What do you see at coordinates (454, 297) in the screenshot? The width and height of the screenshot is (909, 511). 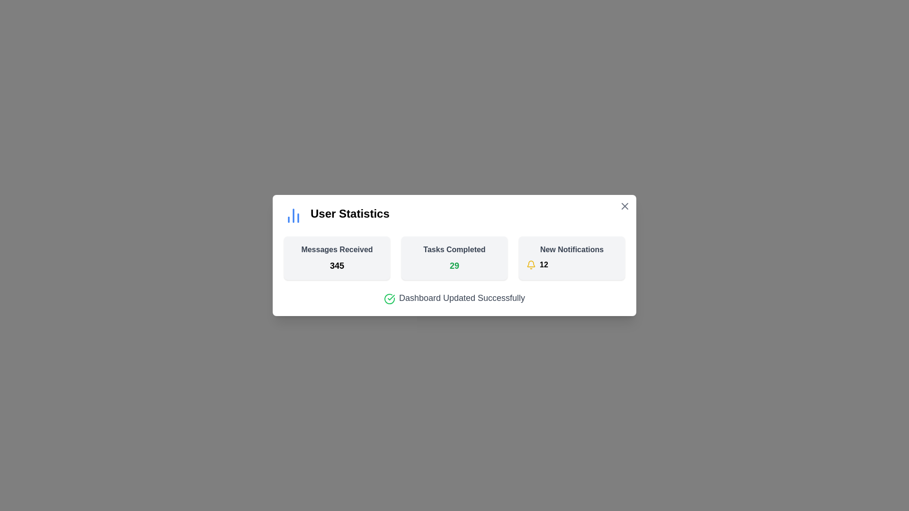 I see `the notification message that displays 'Dashboard Updated Successfully' with a green circular check icon` at bounding box center [454, 297].